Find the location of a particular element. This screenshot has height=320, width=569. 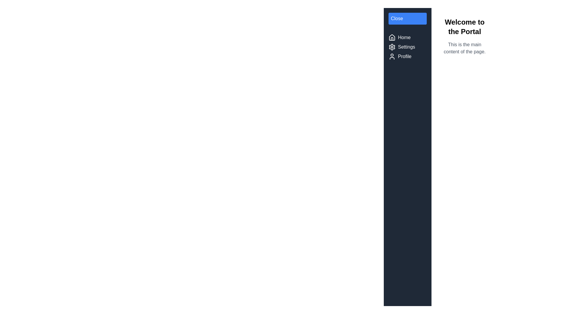

the cogwheel icon representing settings in the SVG graphics element is located at coordinates (392, 47).